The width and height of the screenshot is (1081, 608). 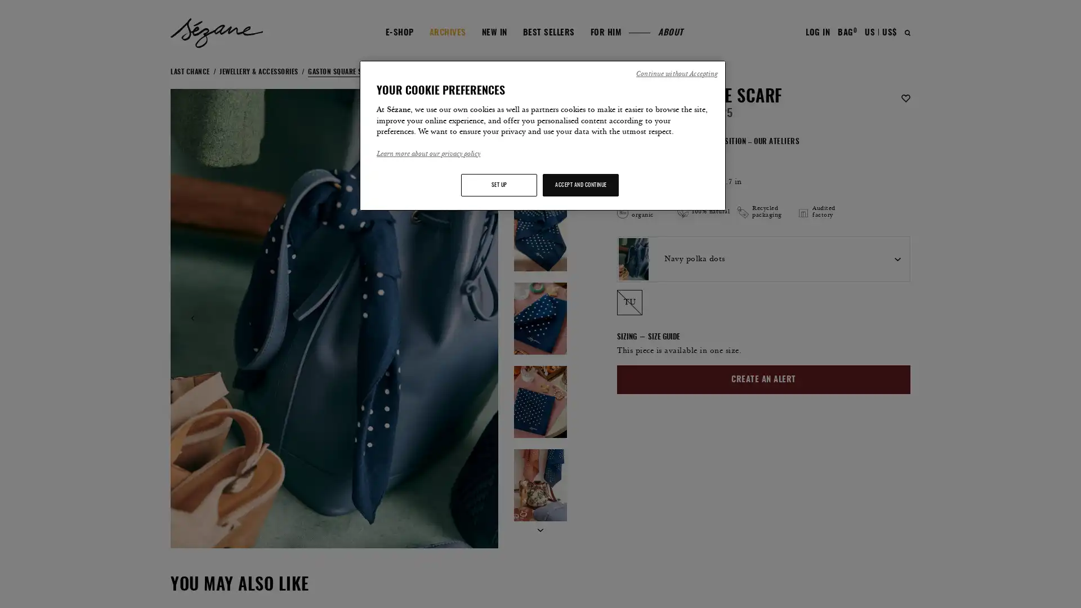 What do you see at coordinates (580, 184) in the screenshot?
I see `ACCEPT AND CONTINUE` at bounding box center [580, 184].